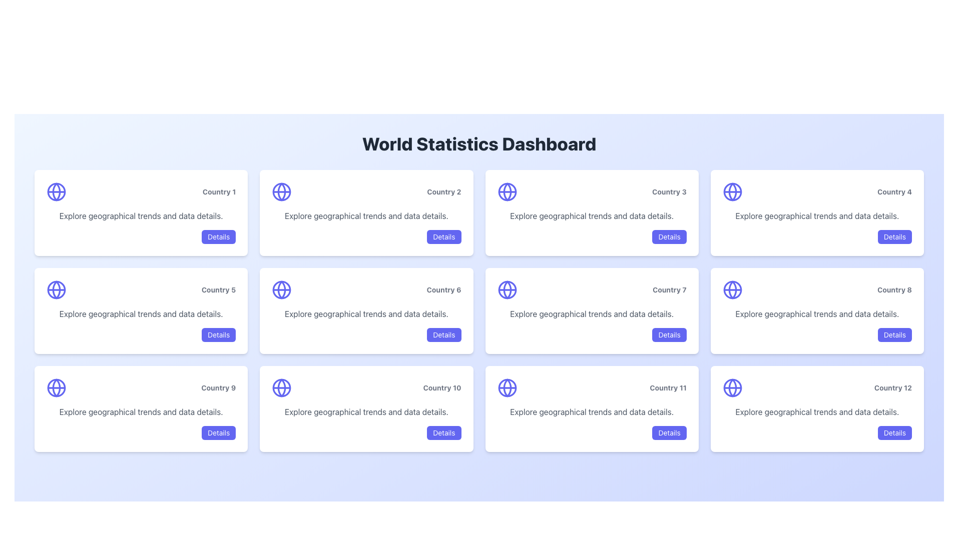  What do you see at coordinates (56, 289) in the screenshot?
I see `the globe icon` at bounding box center [56, 289].